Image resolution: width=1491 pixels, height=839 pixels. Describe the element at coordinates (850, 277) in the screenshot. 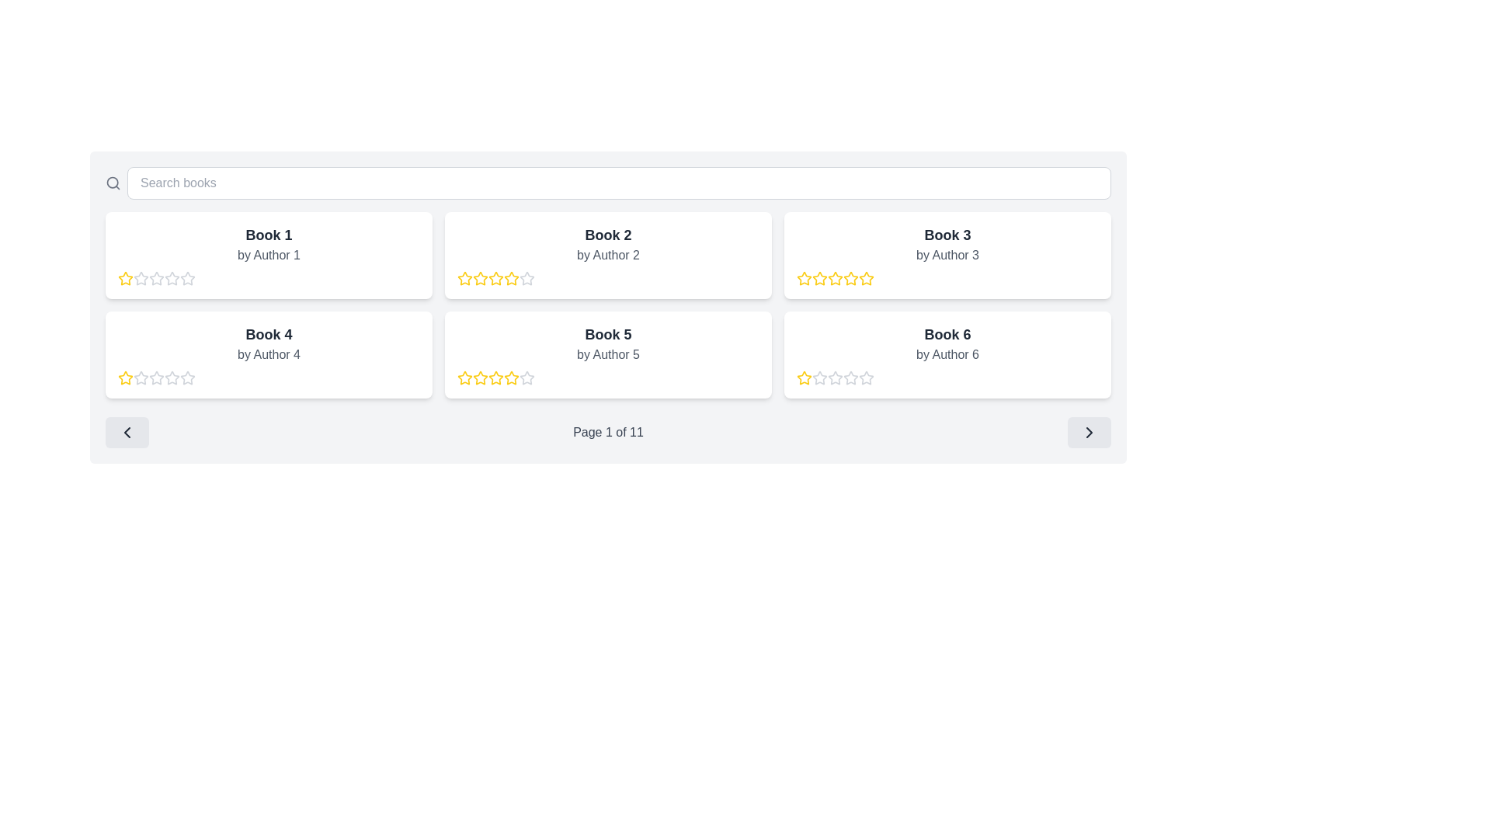

I see `the third interactive rating star with a yellow outline for 'Book 3' by 'Author 3'` at that location.